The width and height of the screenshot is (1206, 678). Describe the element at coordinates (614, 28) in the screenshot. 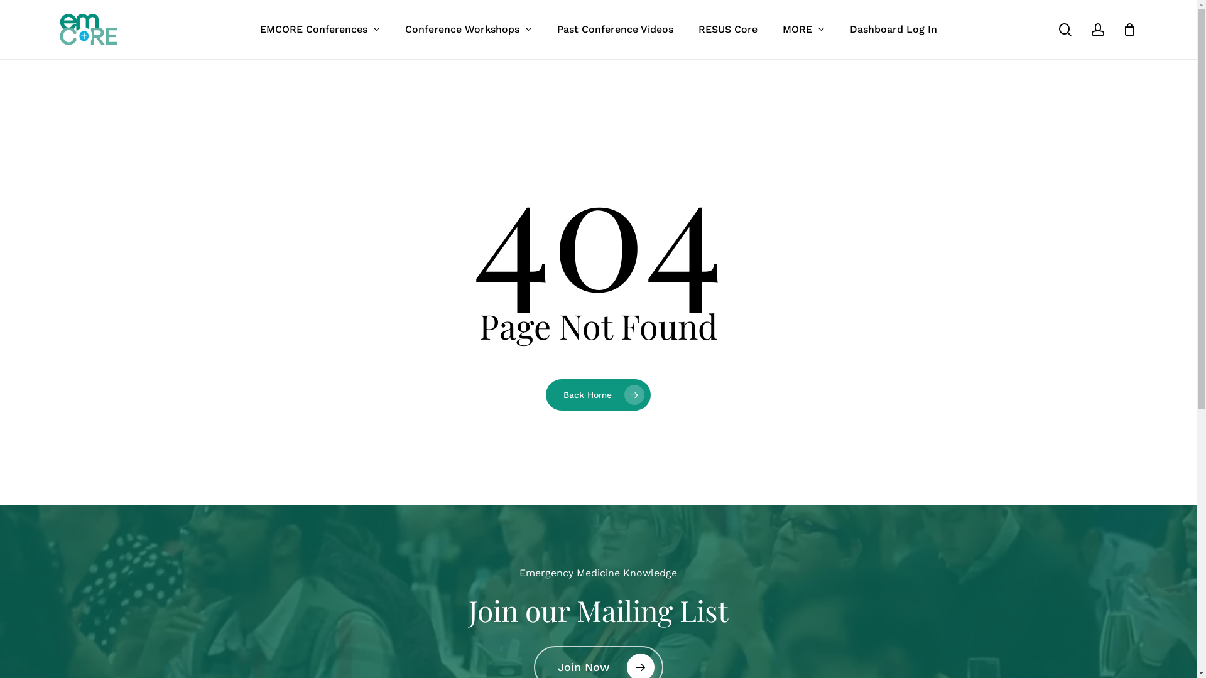

I see `'Past Conference Videos'` at that location.